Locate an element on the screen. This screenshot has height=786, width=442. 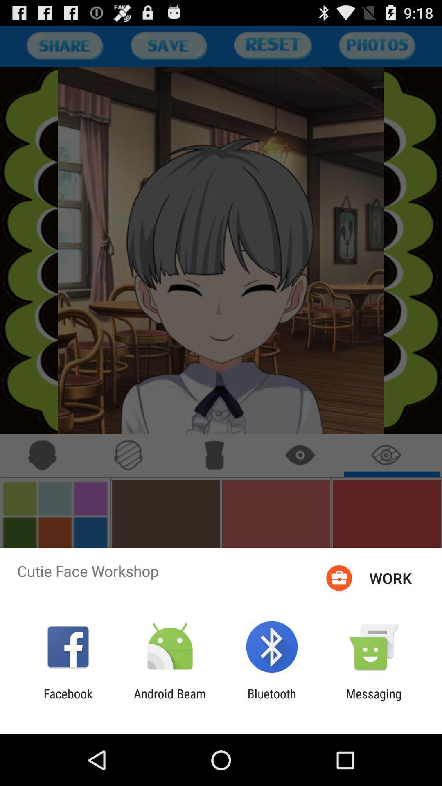
icon to the left of bluetooth item is located at coordinates (169, 700).